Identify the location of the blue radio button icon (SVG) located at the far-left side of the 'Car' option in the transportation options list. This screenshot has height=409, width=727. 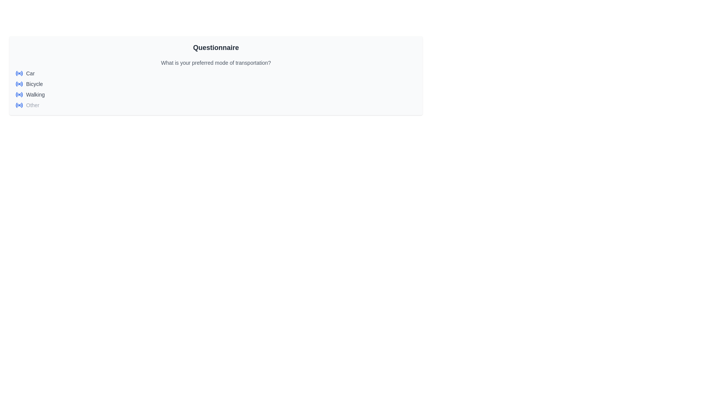
(19, 73).